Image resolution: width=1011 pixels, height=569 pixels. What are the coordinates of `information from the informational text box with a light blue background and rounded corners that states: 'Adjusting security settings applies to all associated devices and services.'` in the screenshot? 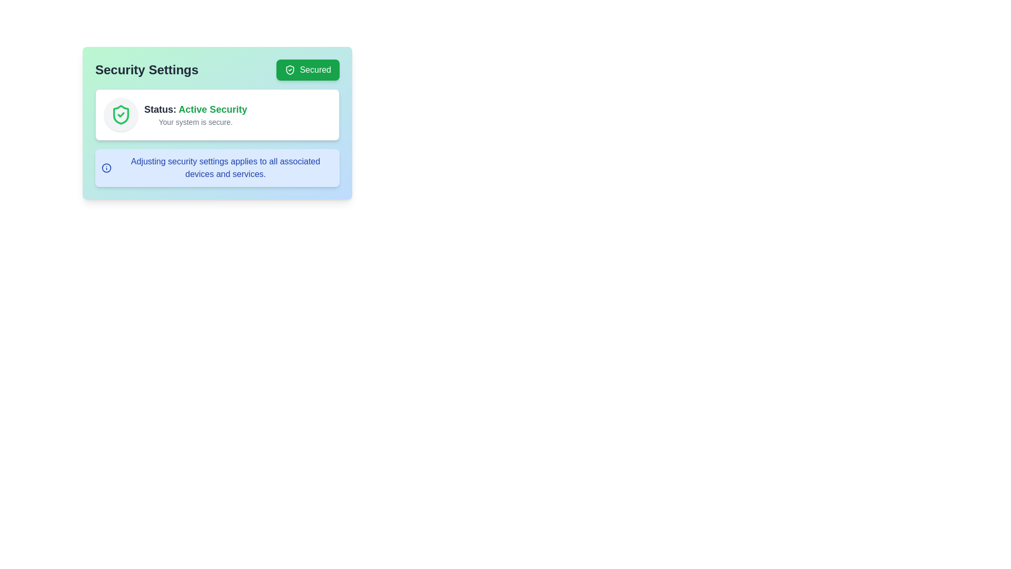 It's located at (216, 168).